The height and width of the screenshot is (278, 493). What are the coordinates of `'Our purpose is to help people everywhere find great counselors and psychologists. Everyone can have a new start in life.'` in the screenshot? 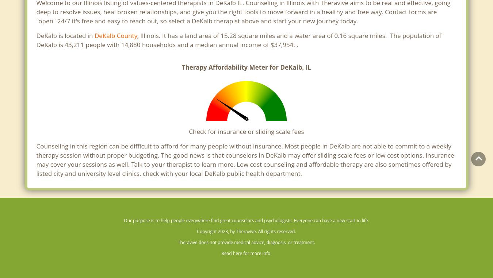 It's located at (246, 220).